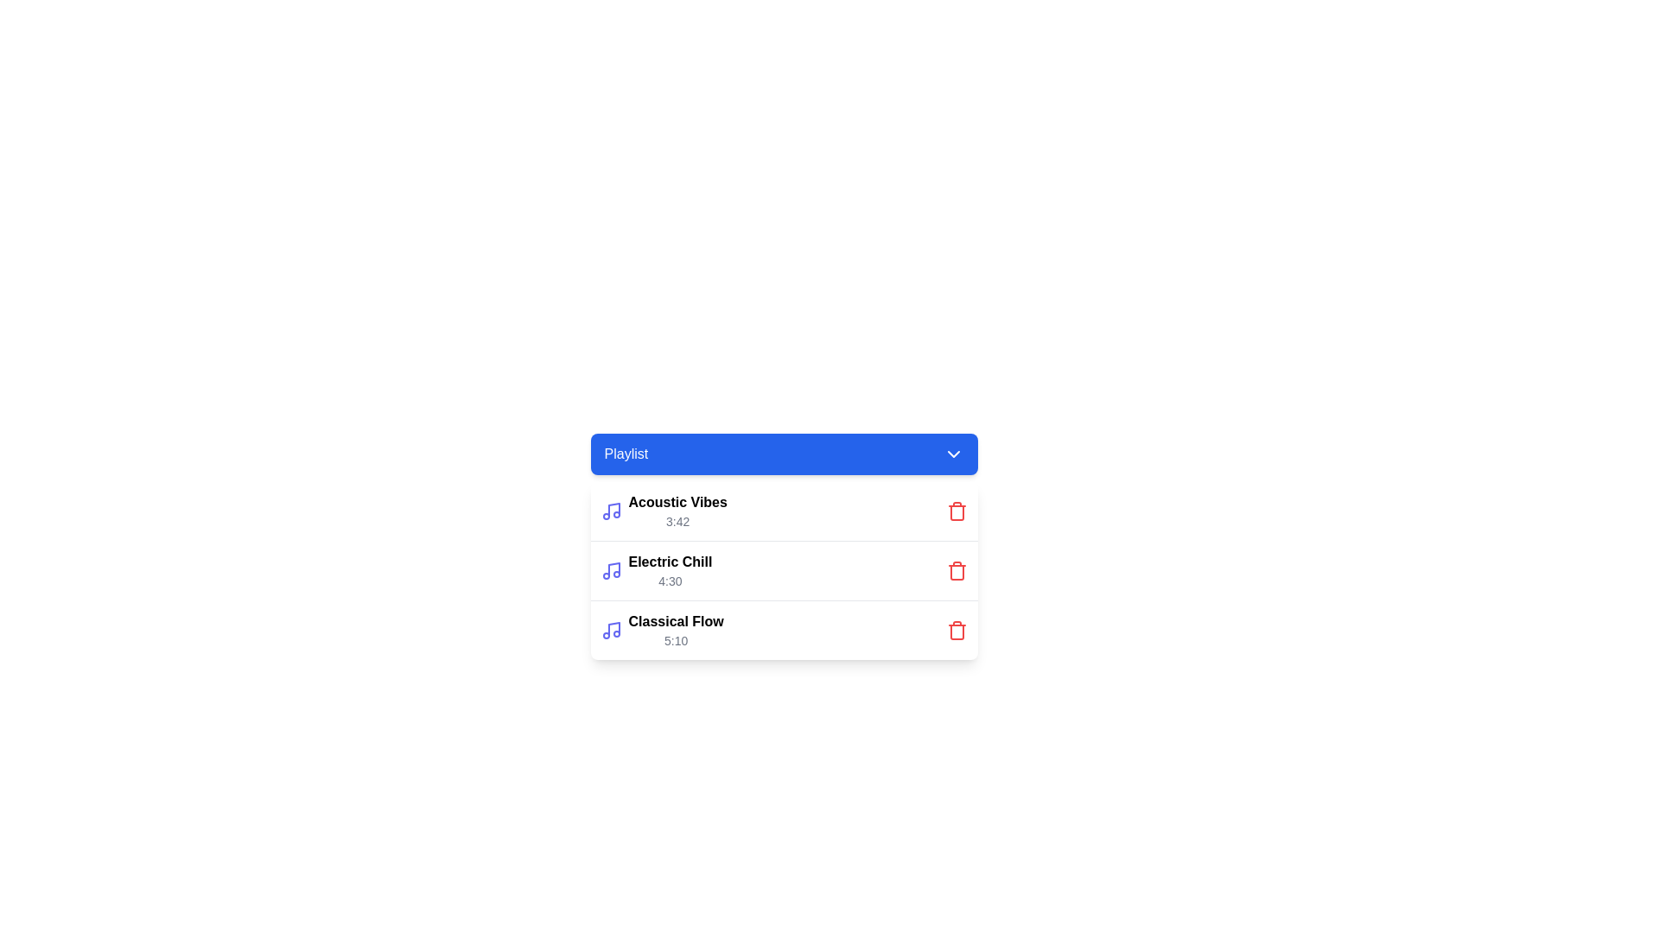  What do you see at coordinates (611, 510) in the screenshot?
I see `the SVG icon that indicates a musical track, located to the left of the text 'Acoustic Vibes' and the duration '3:42' in the first row of the playlist` at bounding box center [611, 510].